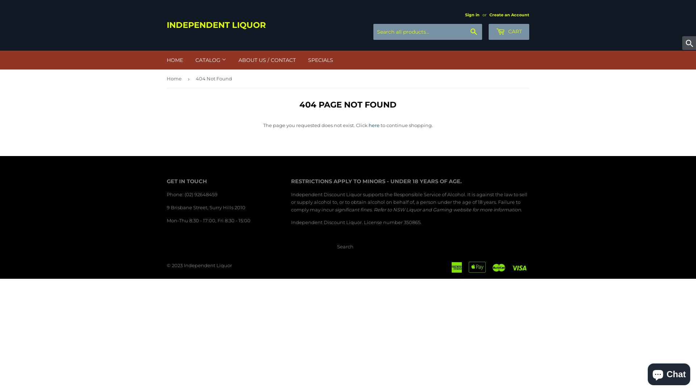 This screenshot has width=696, height=391. Describe the element at coordinates (303, 59) in the screenshot. I see `'SPECIALS'` at that location.